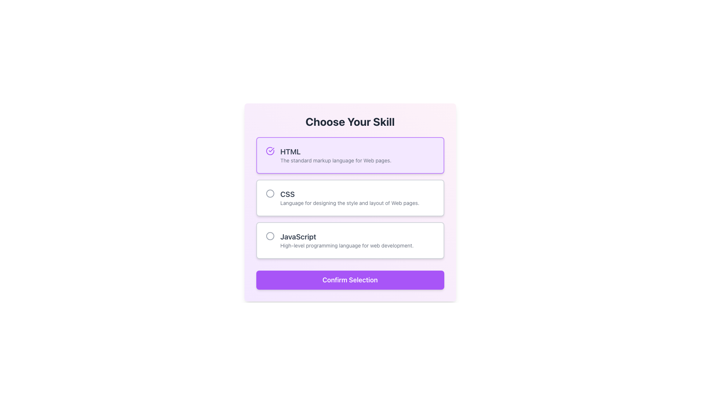  I want to click on the visual marker icon located at the top-left corner of the 'JavaScript' card, adjacent to the label 'JavaScript', so click(270, 236).